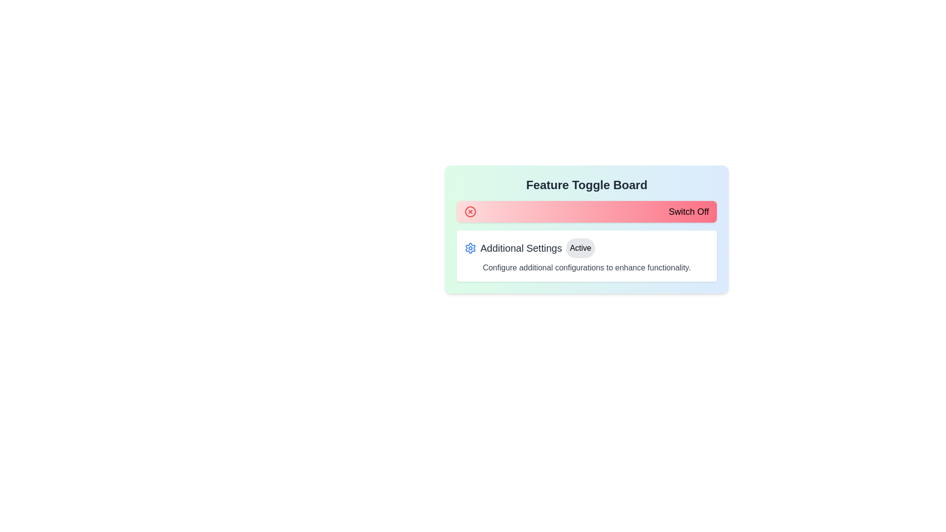  Describe the element at coordinates (470, 211) in the screenshot. I see `the close icon located on the left side of the 'Switch Off' control bar, which signifies the action of turning off the associated functionality` at that location.